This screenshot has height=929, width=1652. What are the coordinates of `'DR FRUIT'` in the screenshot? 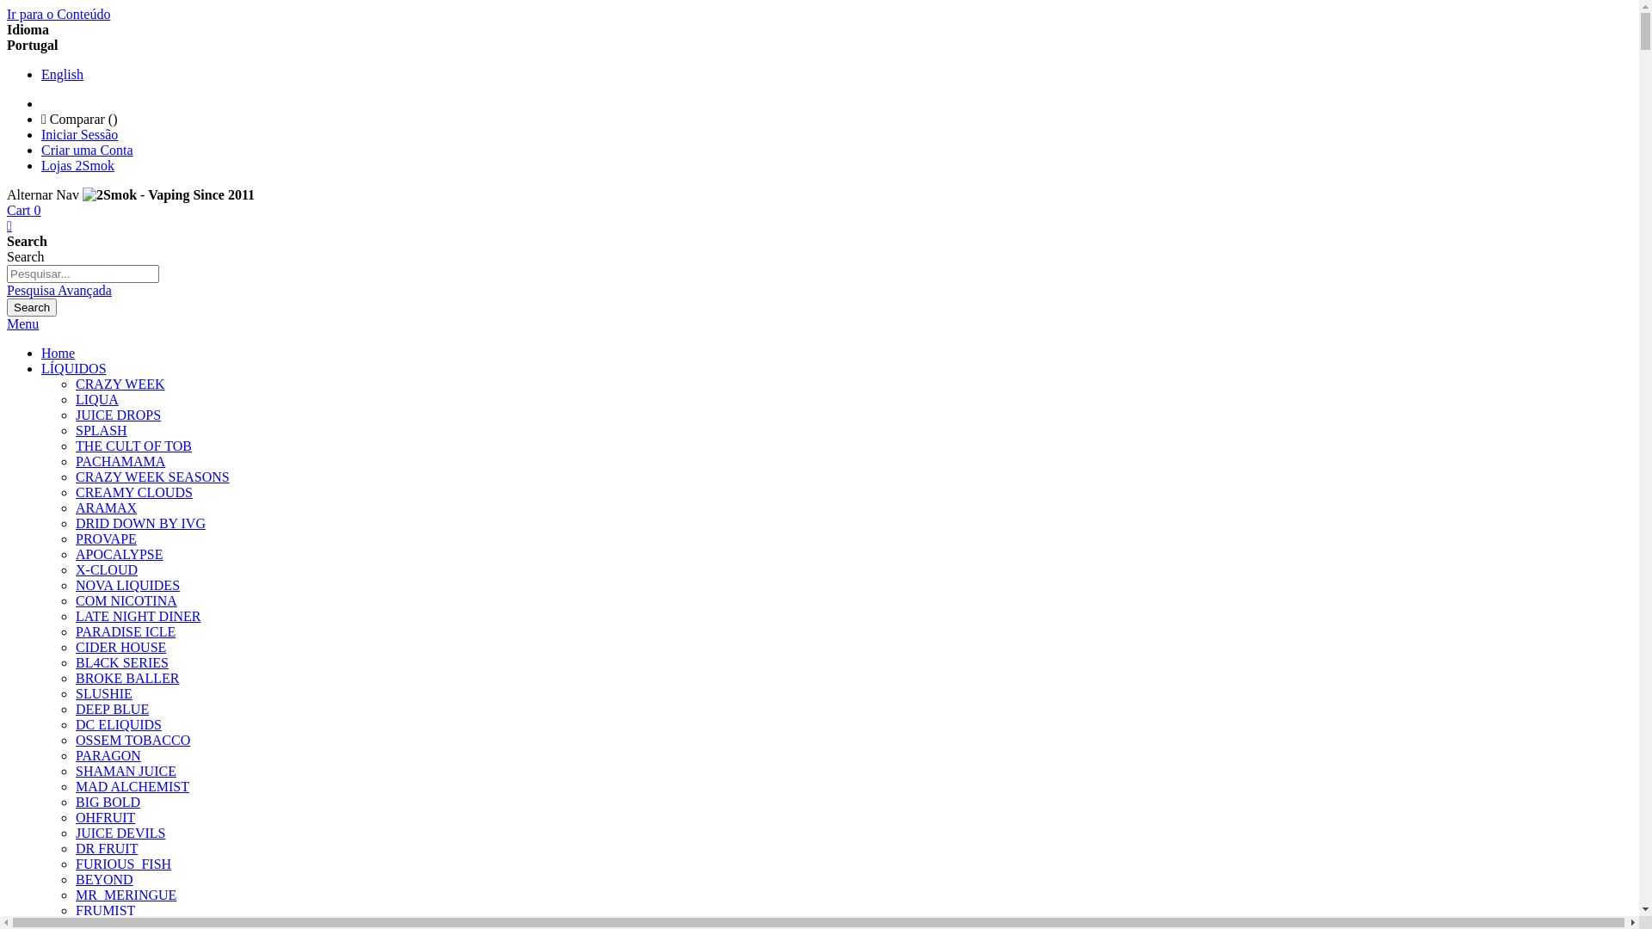 It's located at (106, 847).